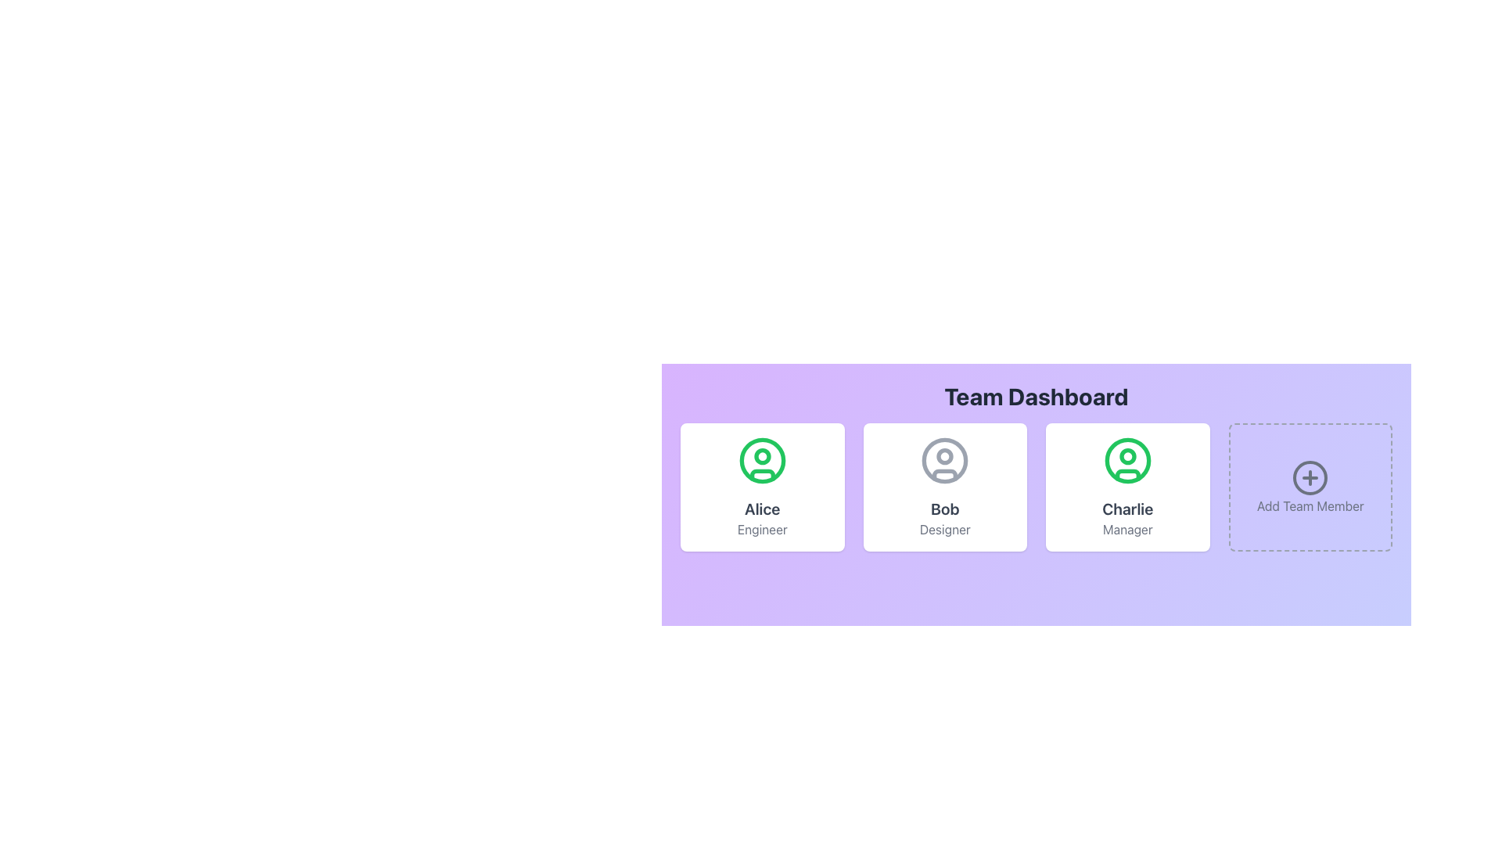  What do you see at coordinates (1310, 487) in the screenshot?
I see `the 'Add Team Member' button, which is a rectangular card with a dashed border and a circular '+' icon, located at the far-right of the team members grid` at bounding box center [1310, 487].